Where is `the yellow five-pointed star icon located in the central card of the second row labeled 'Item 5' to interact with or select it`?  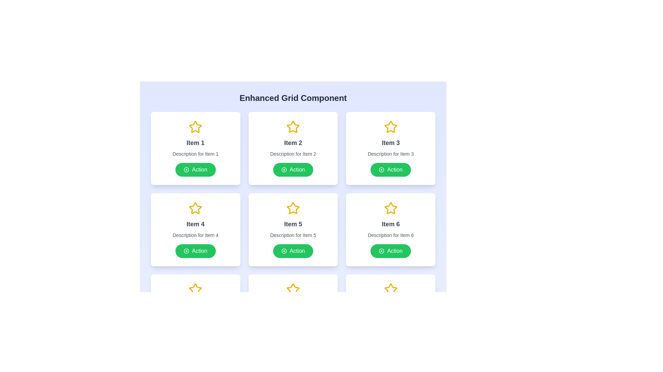 the yellow five-pointed star icon located in the central card of the second row labeled 'Item 5' to interact with or select it is located at coordinates (293, 208).